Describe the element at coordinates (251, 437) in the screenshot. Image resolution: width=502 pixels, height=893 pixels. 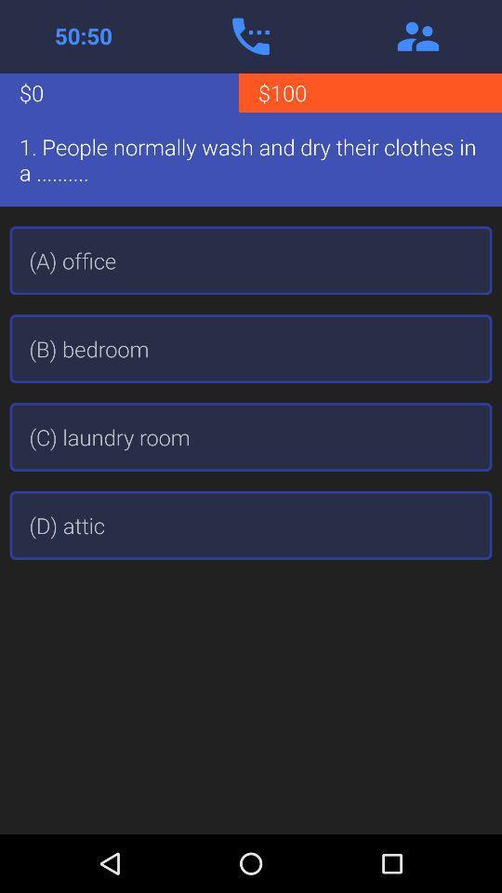
I see `the (c) laundry room item` at that location.